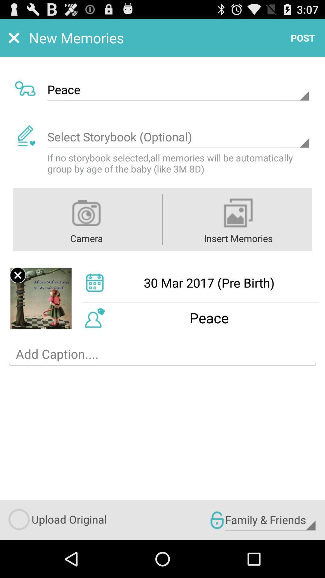 This screenshot has height=578, width=325. What do you see at coordinates (178, 137) in the screenshot?
I see `storybook` at bounding box center [178, 137].